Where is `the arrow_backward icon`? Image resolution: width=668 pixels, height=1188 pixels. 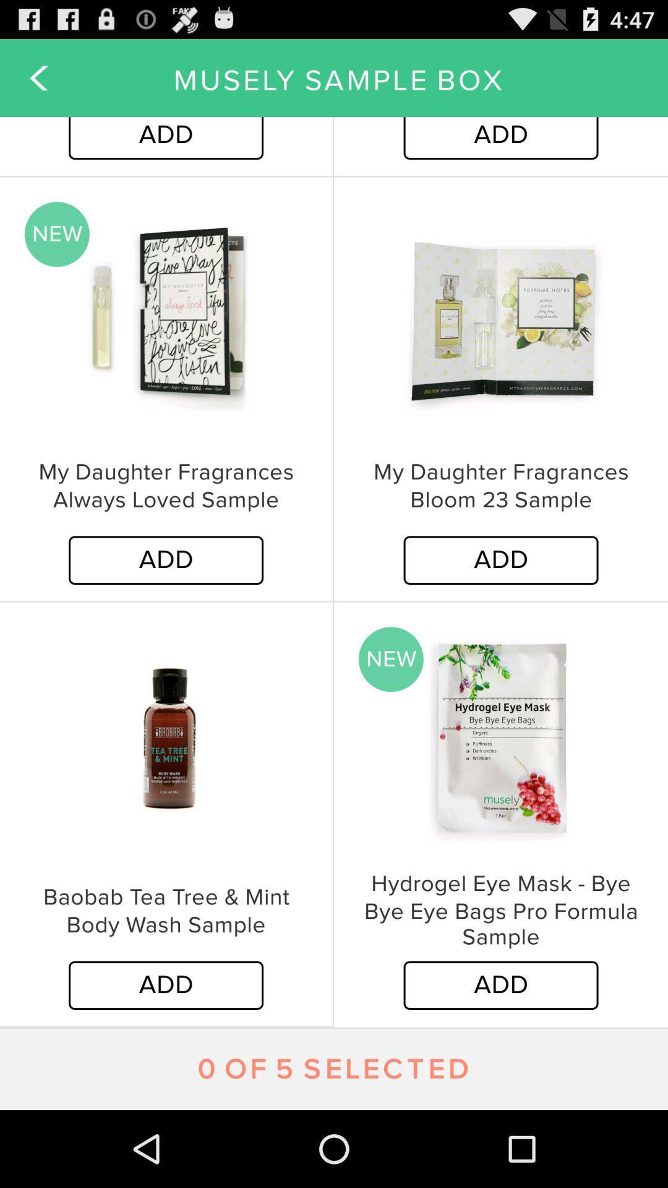
the arrow_backward icon is located at coordinates (38, 82).